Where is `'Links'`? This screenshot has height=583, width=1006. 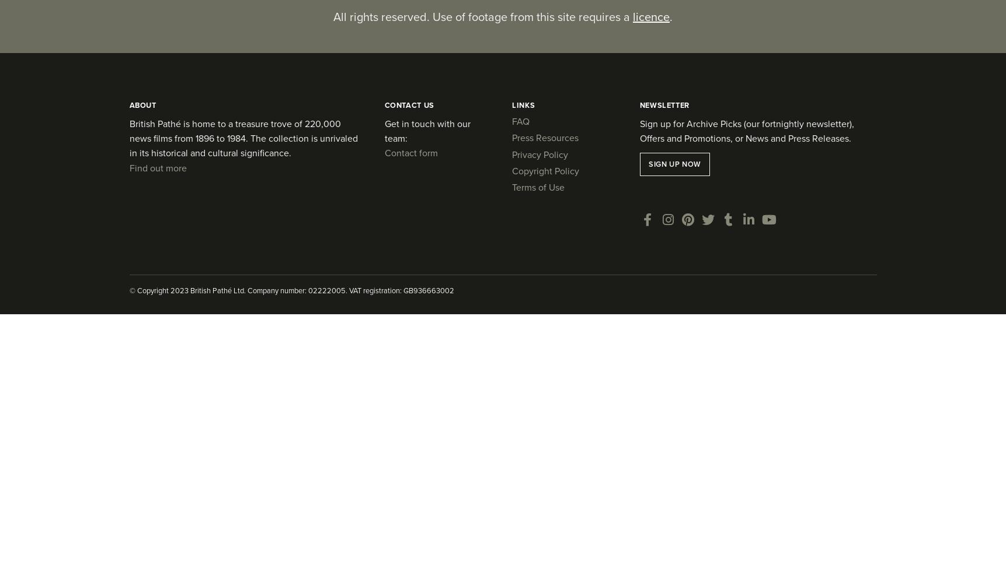 'Links' is located at coordinates (523, 104).